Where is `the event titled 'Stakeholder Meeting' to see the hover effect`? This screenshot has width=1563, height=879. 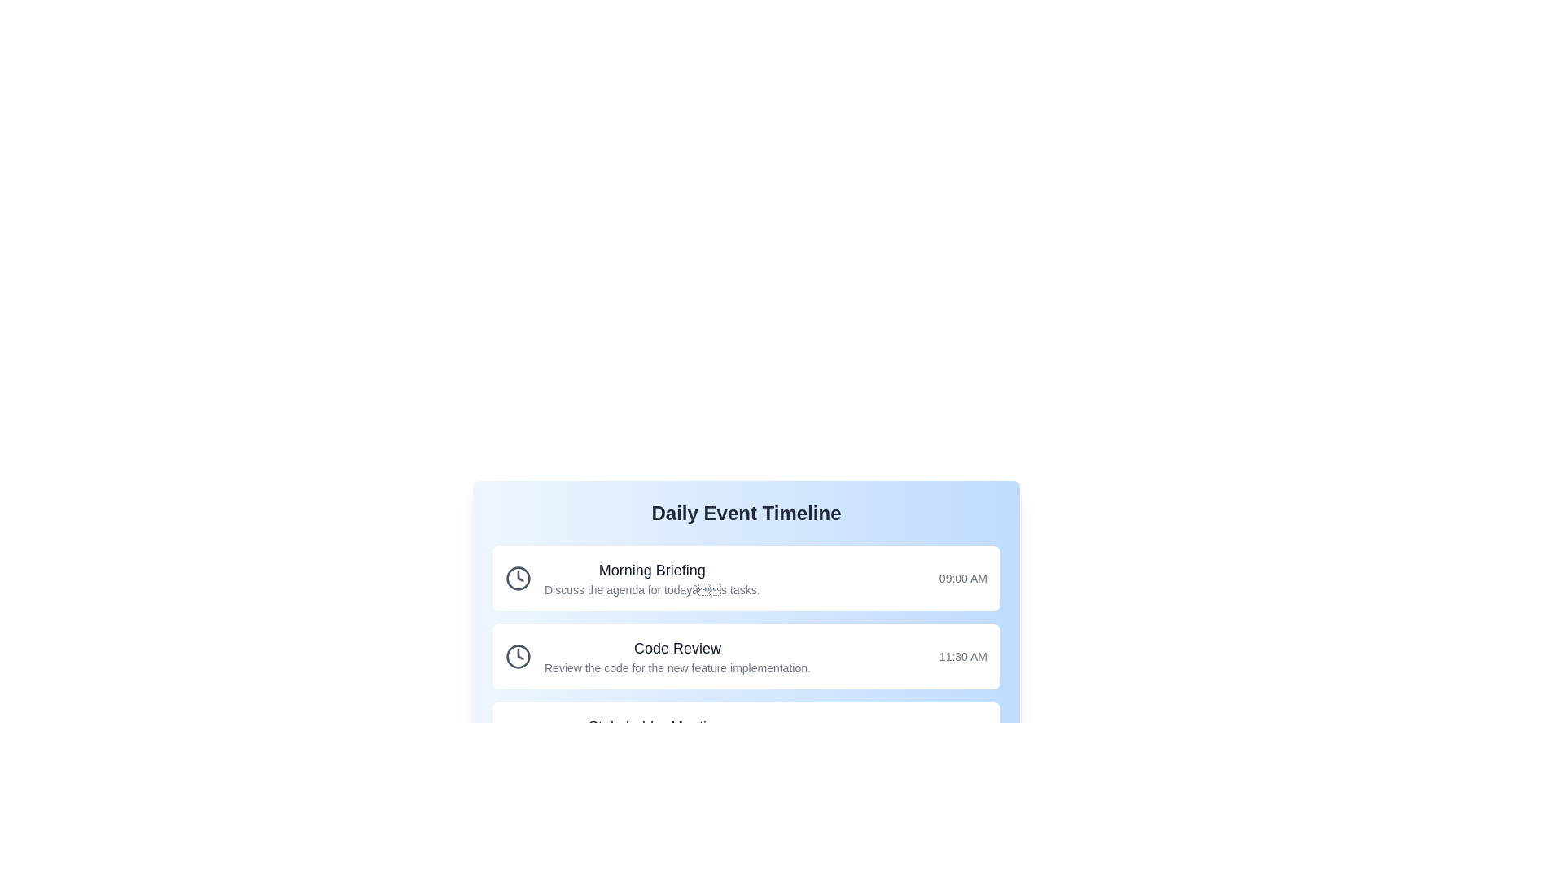 the event titled 'Stakeholder Meeting' to see the hover effect is located at coordinates (745, 734).